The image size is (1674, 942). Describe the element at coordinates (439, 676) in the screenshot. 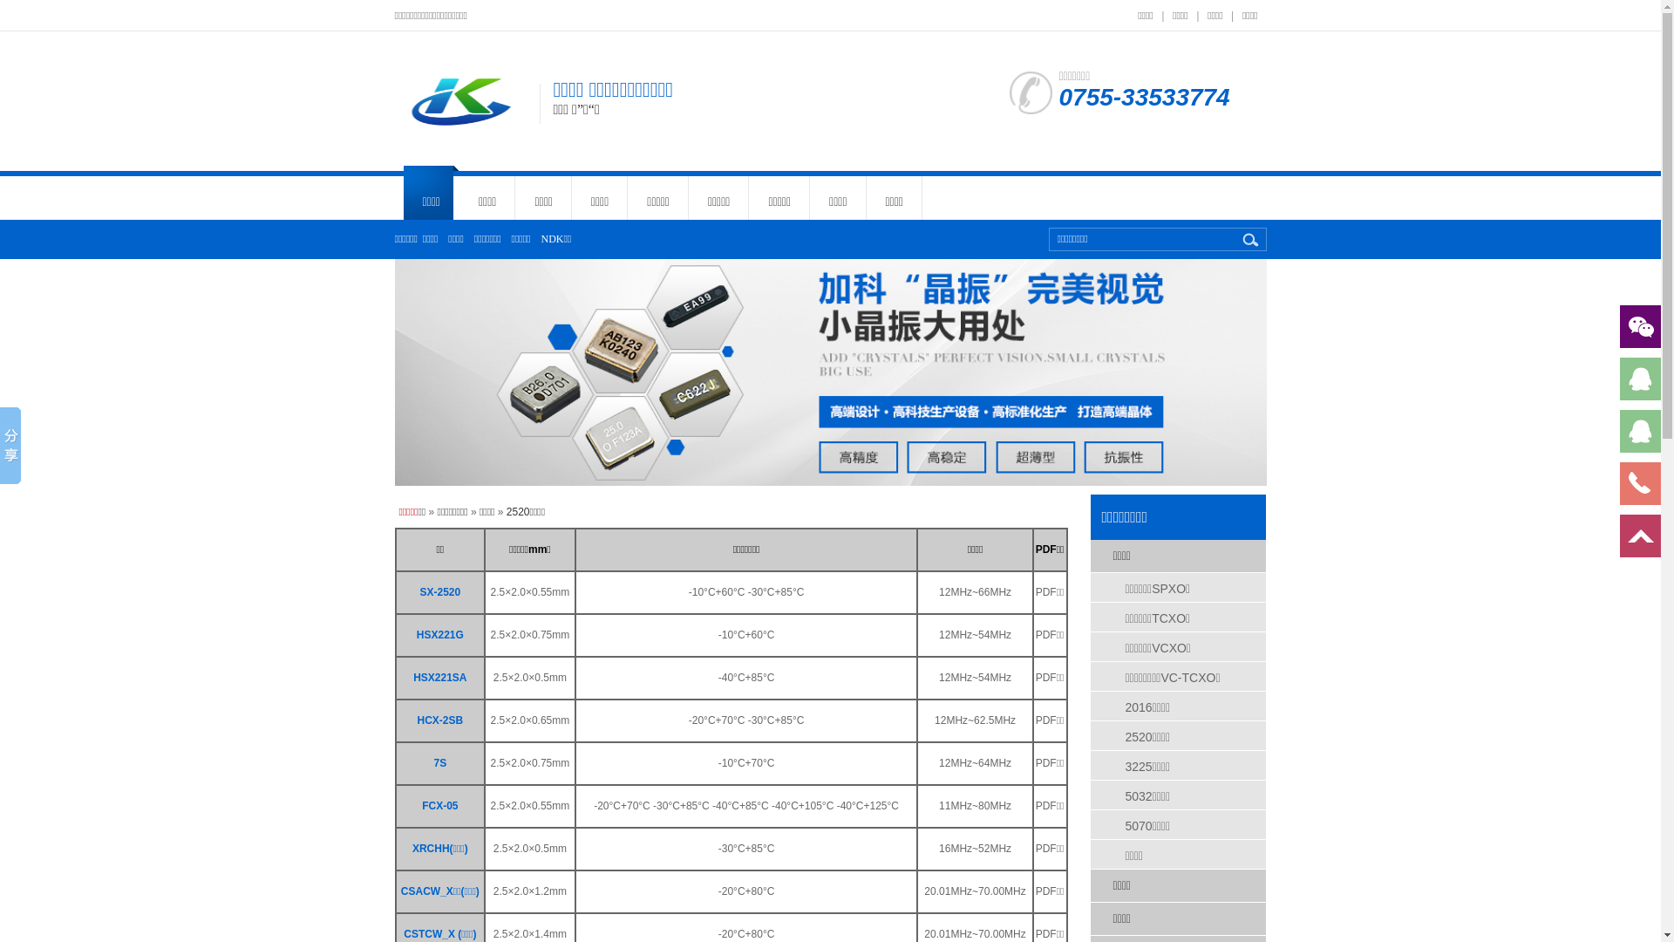

I see `'HSX221SA'` at that location.